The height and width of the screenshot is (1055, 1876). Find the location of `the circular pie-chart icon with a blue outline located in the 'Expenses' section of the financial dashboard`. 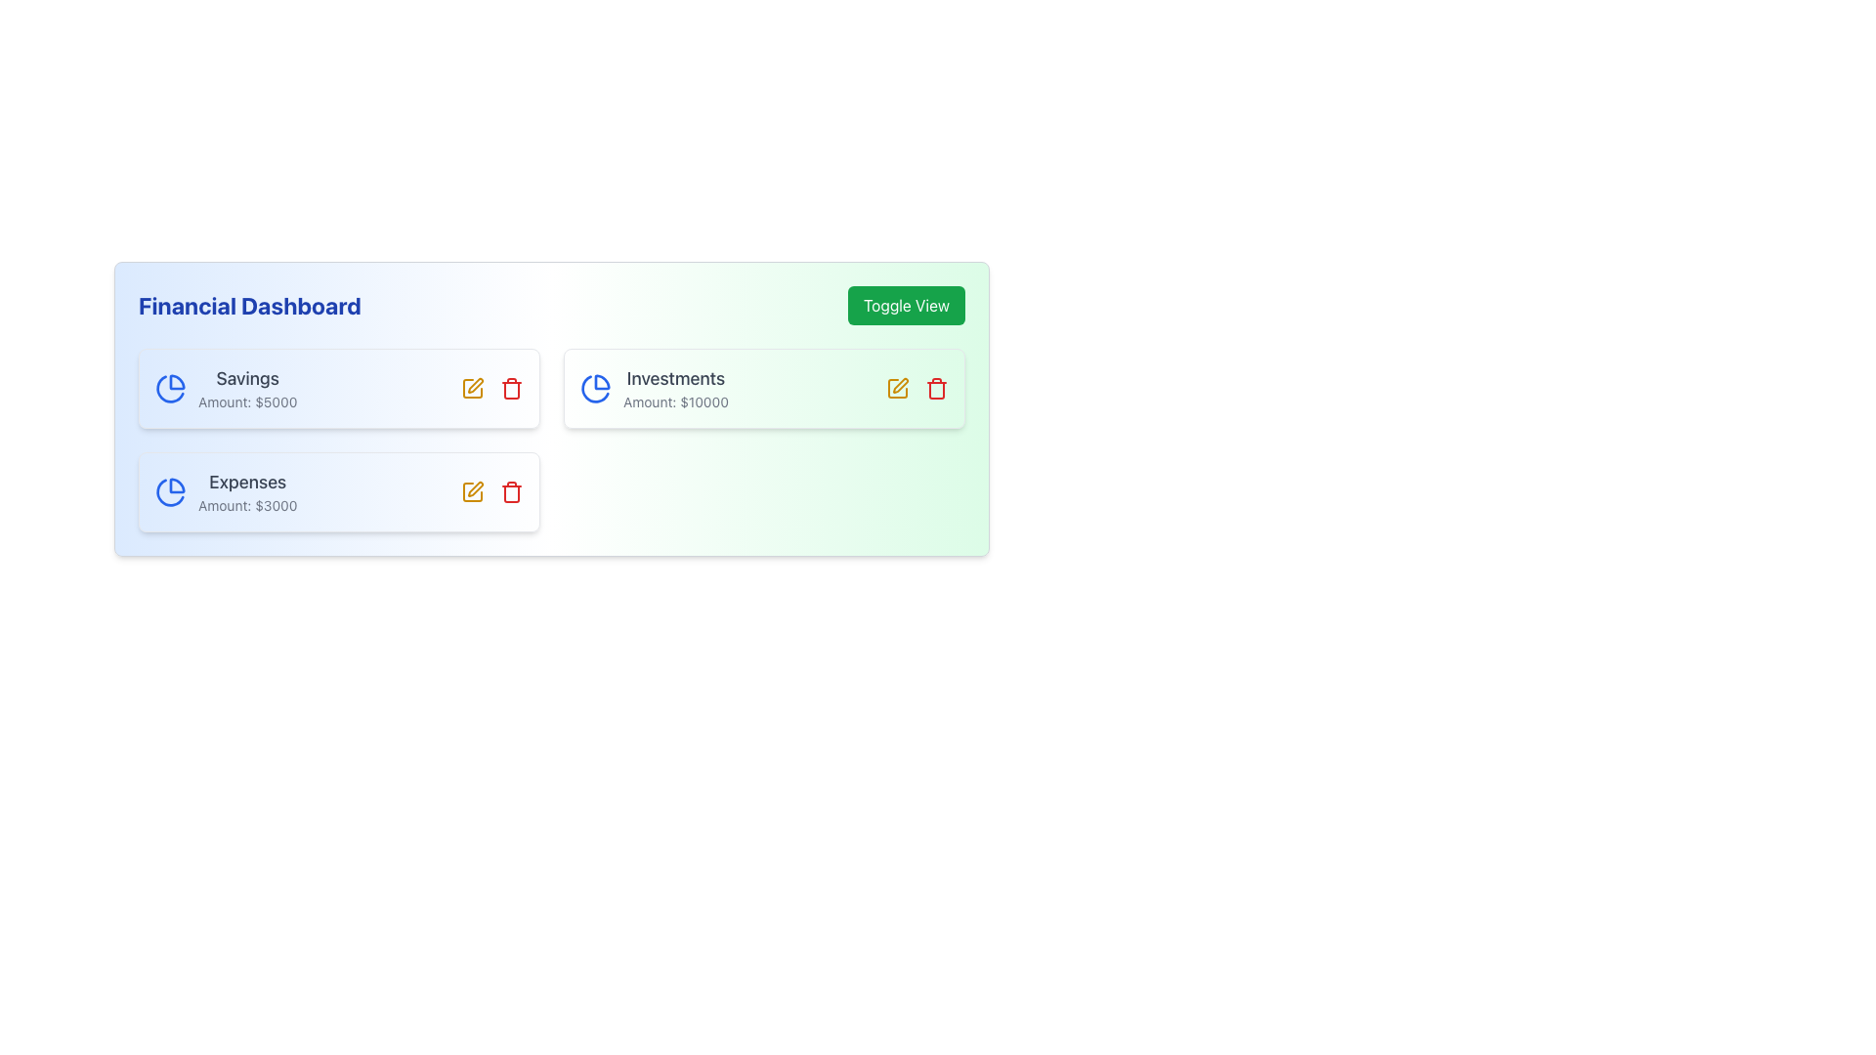

the circular pie-chart icon with a blue outline located in the 'Expenses' section of the financial dashboard is located at coordinates (170, 491).